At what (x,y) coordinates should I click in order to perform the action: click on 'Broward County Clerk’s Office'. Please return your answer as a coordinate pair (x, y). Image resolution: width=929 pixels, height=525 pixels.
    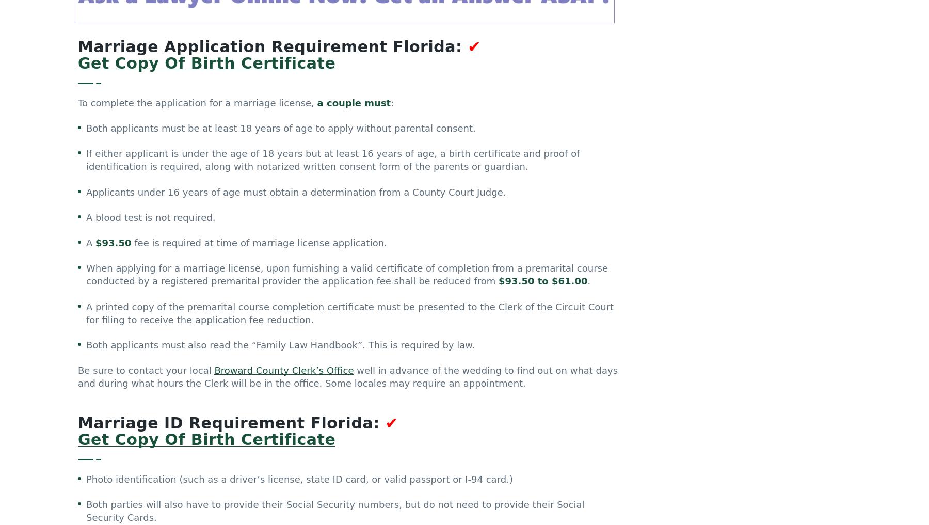
    Looking at the image, I should click on (283, 372).